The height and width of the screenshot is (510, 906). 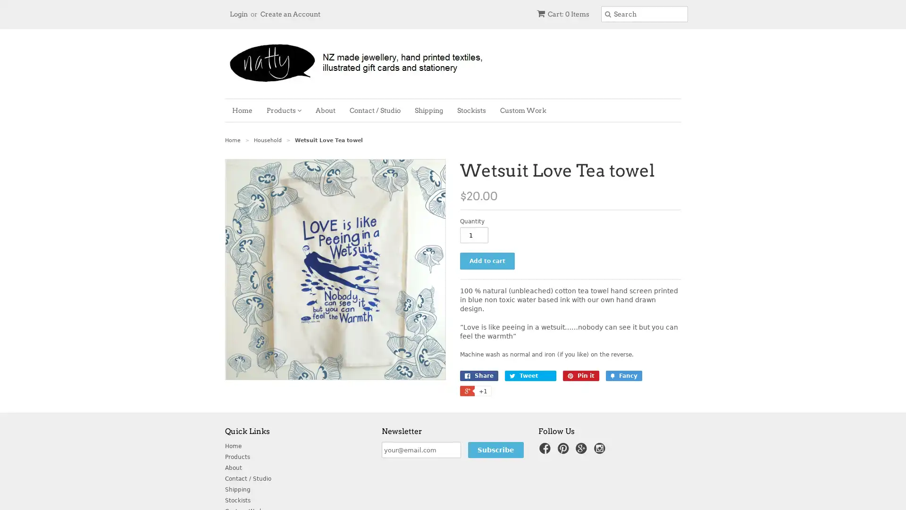 I want to click on Subscribe, so click(x=495, y=449).